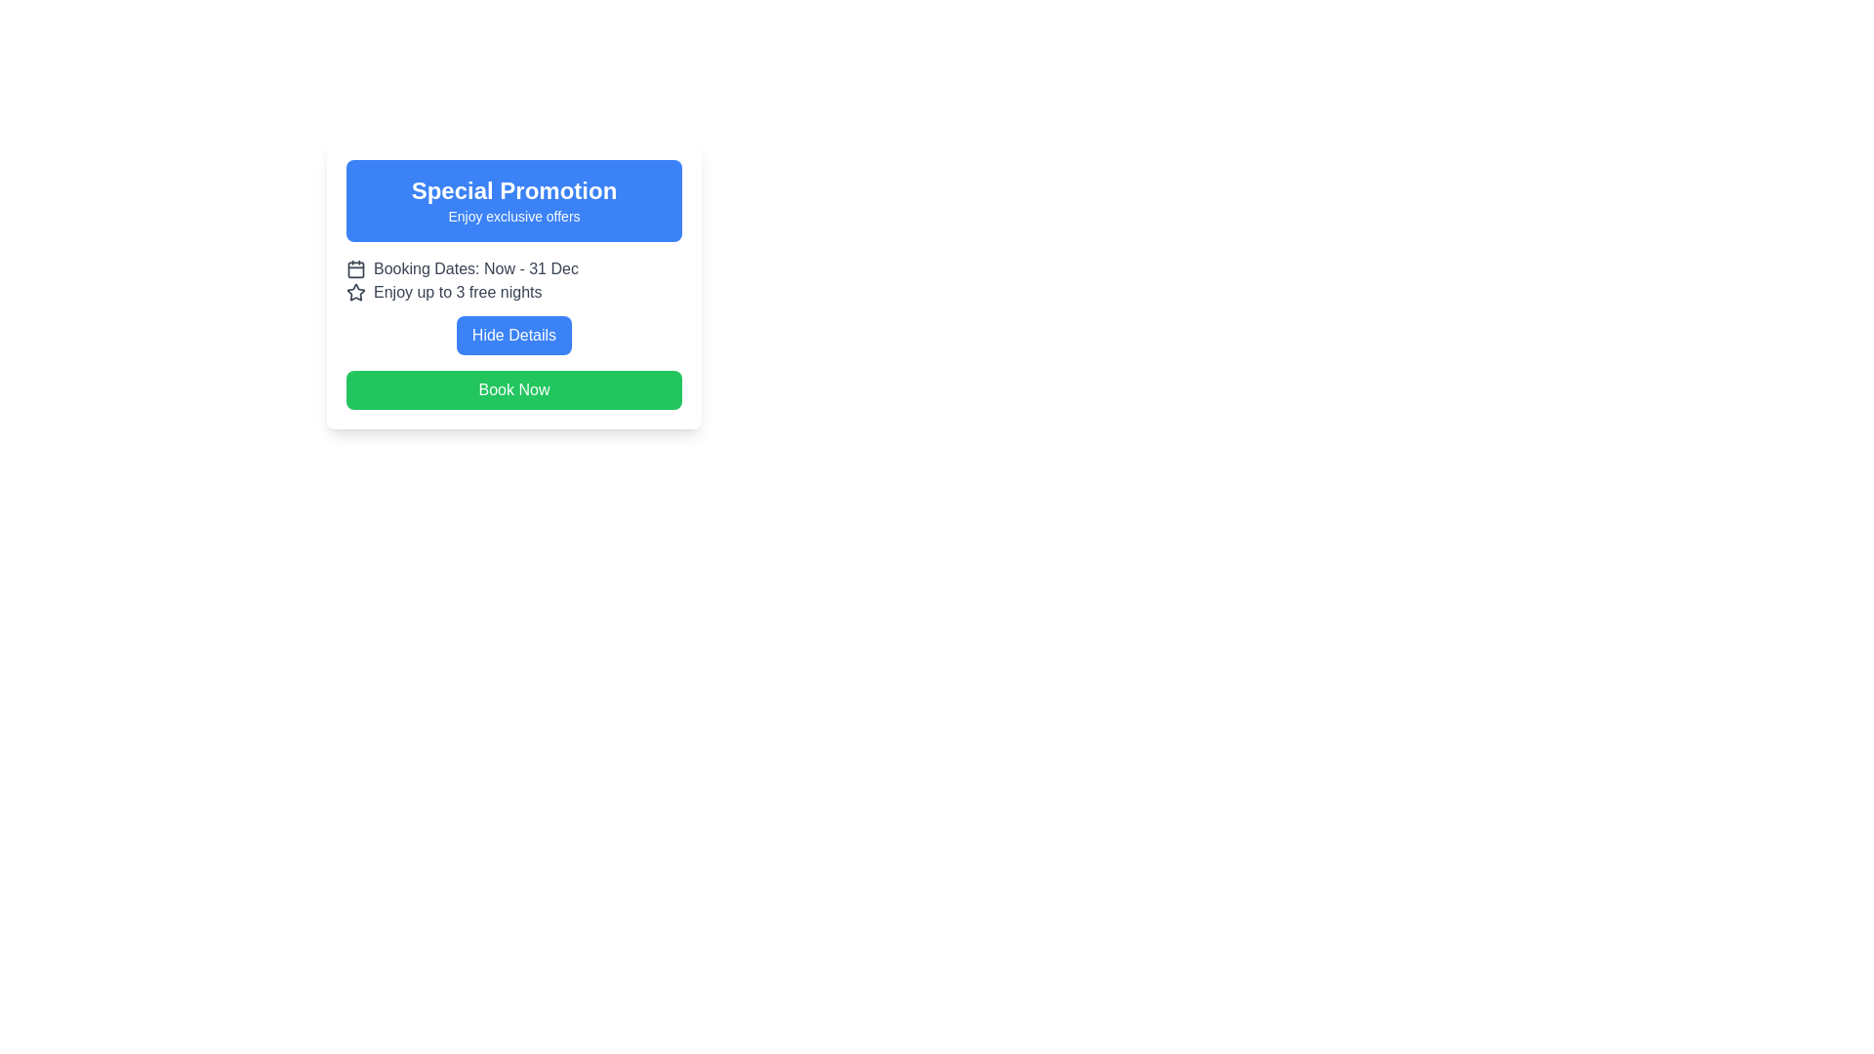 This screenshot has height=1054, width=1874. What do you see at coordinates (514, 334) in the screenshot?
I see `the button located beneath the text 'Booking Dates: Now - 31 Dec' and above the green 'Book Now' button` at bounding box center [514, 334].